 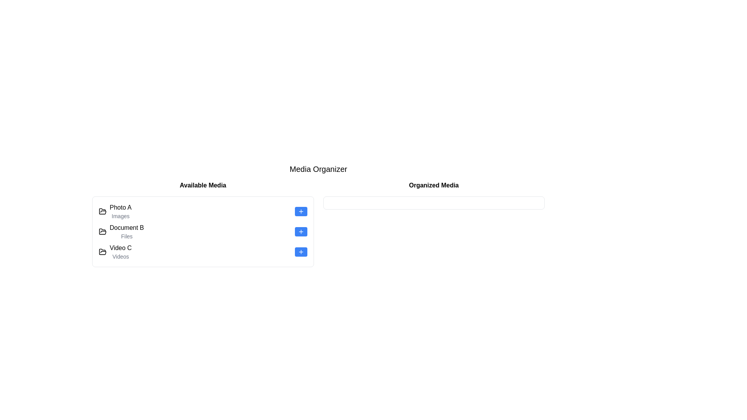 What do you see at coordinates (120, 211) in the screenshot?
I see `the 'Photo A' text label, which is the first item in the 'Available Media' section, located directly above 'Document B Files' and 'Video C Videos'` at bounding box center [120, 211].